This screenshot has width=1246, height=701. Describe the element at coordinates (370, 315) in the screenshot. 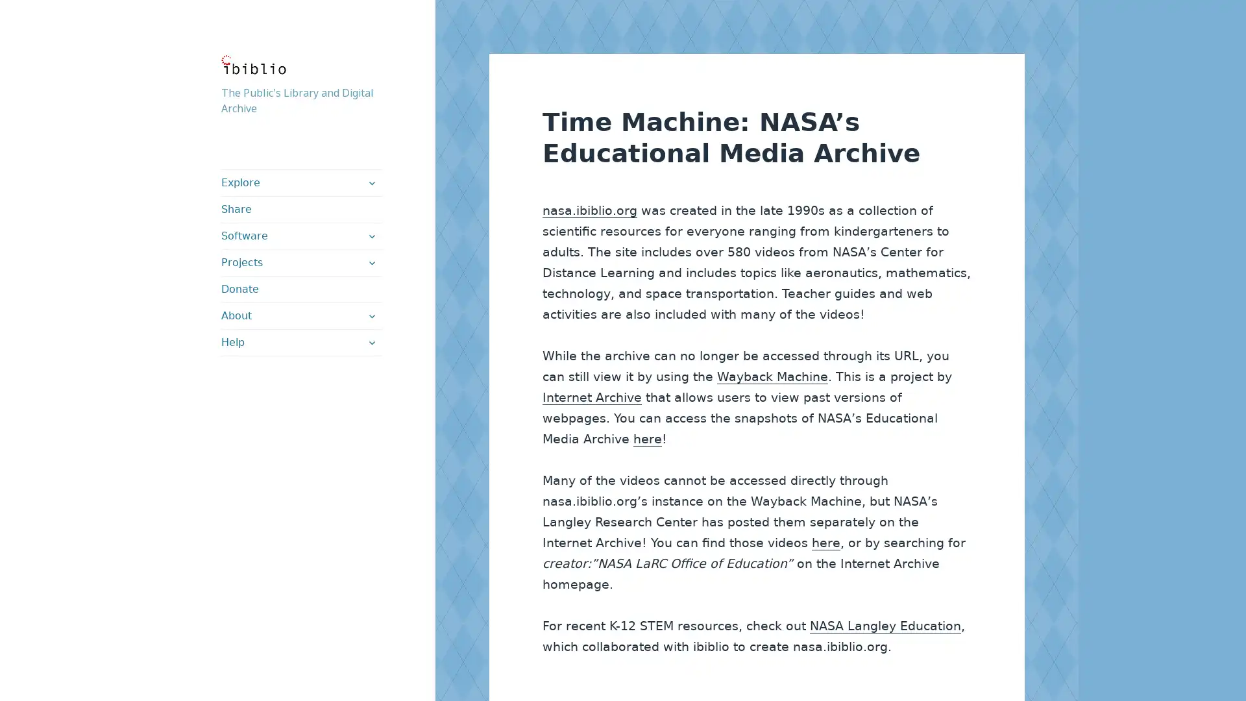

I see `expand child menu` at that location.